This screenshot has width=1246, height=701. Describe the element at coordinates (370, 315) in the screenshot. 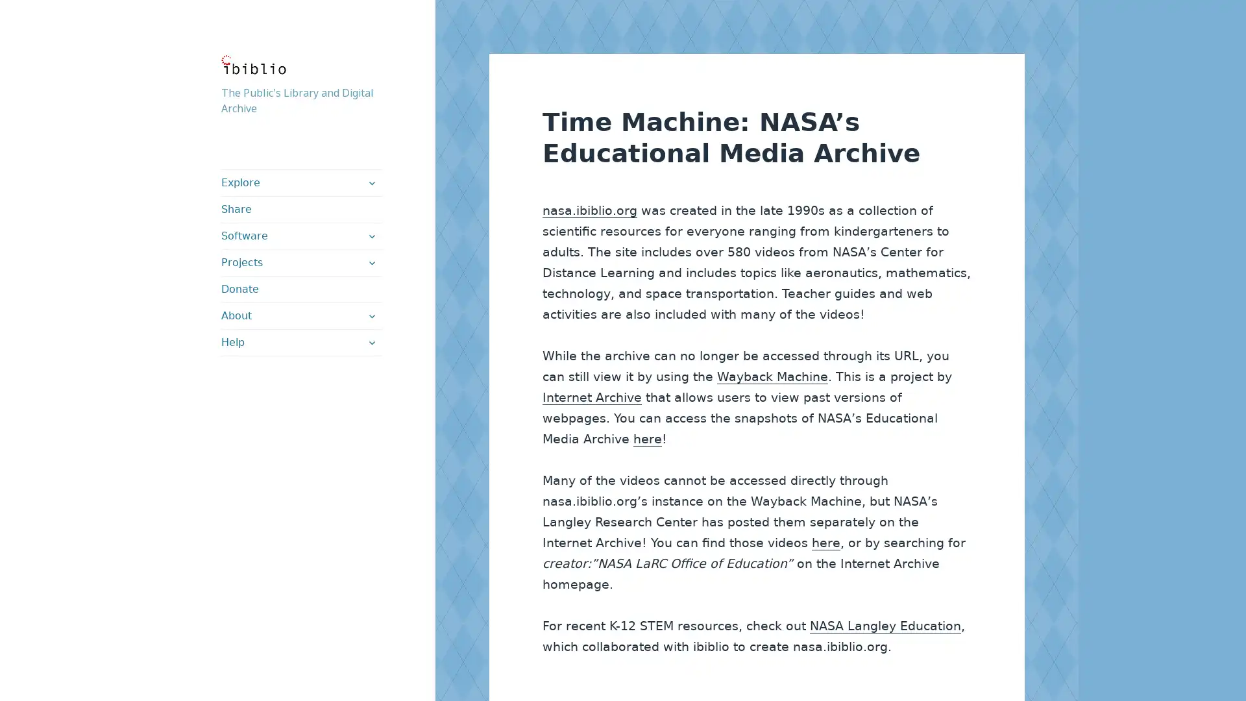

I see `expand child menu` at that location.